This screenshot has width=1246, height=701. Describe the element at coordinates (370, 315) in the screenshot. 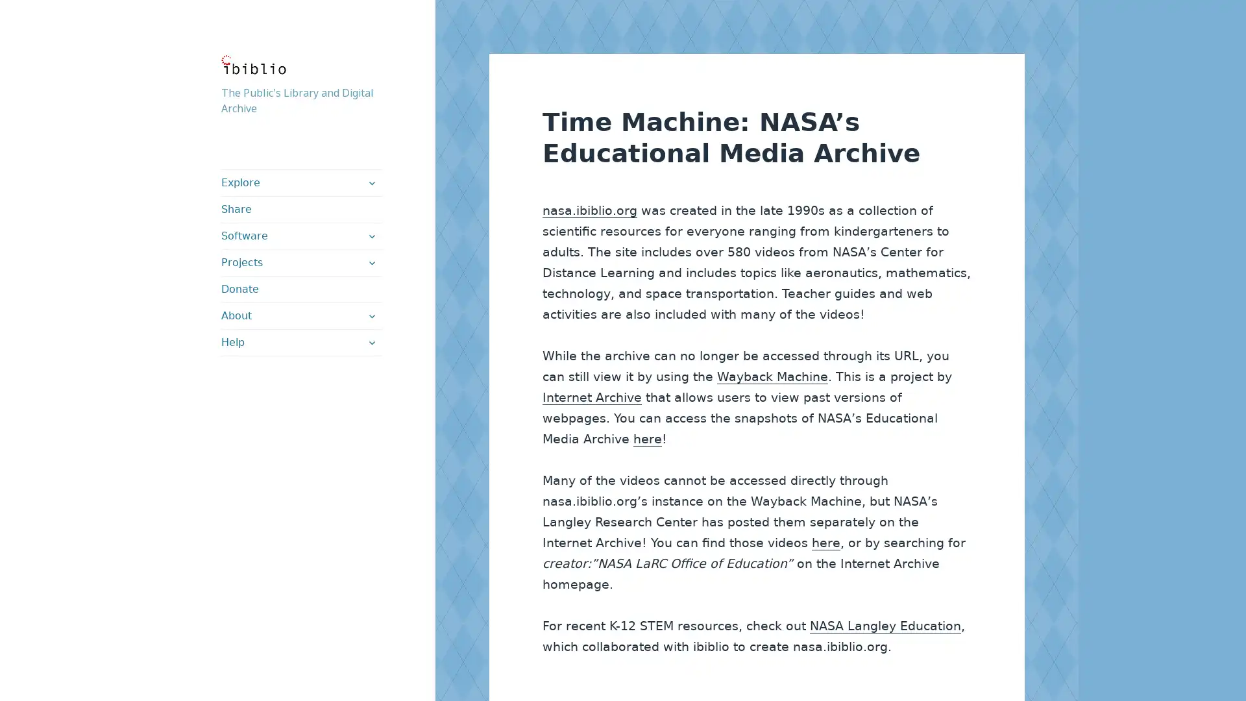

I see `expand child menu` at that location.